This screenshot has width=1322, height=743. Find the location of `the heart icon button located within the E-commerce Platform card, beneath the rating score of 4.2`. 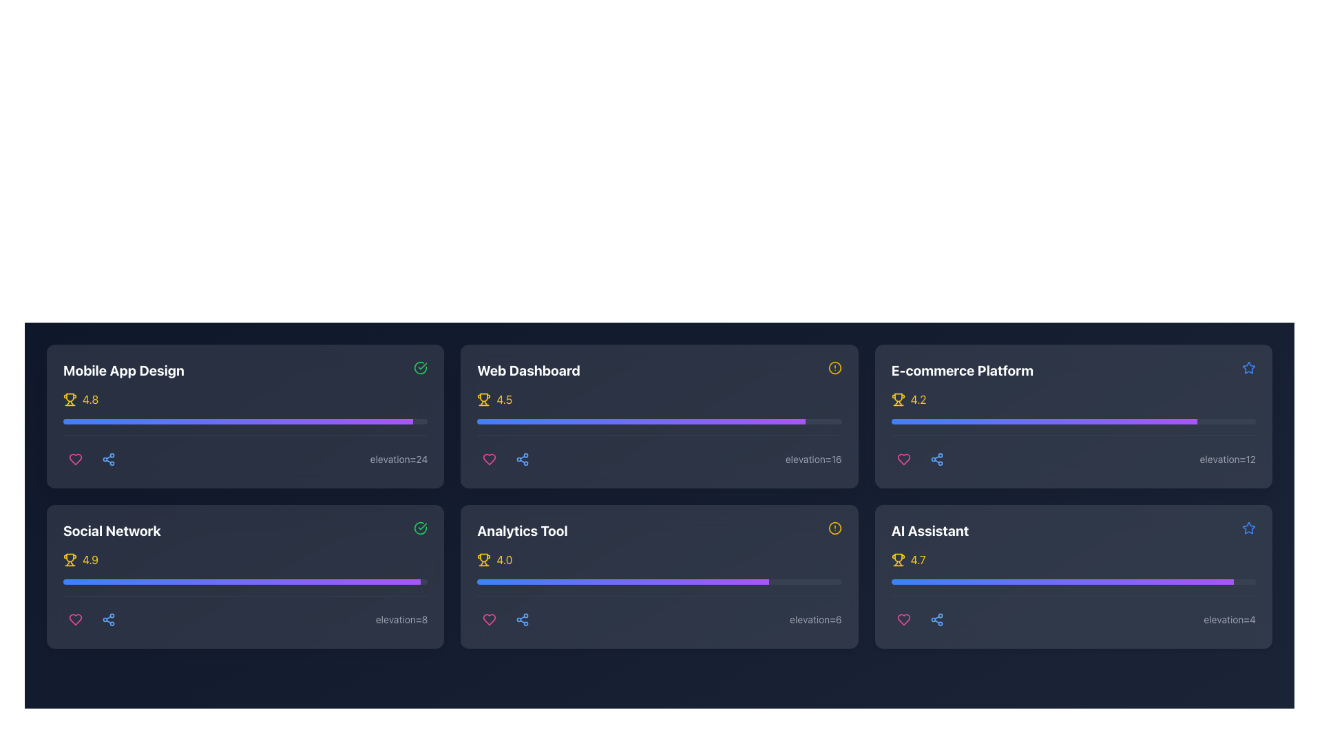

the heart icon button located within the E-commerce Platform card, beneath the rating score of 4.2 is located at coordinates (903, 459).